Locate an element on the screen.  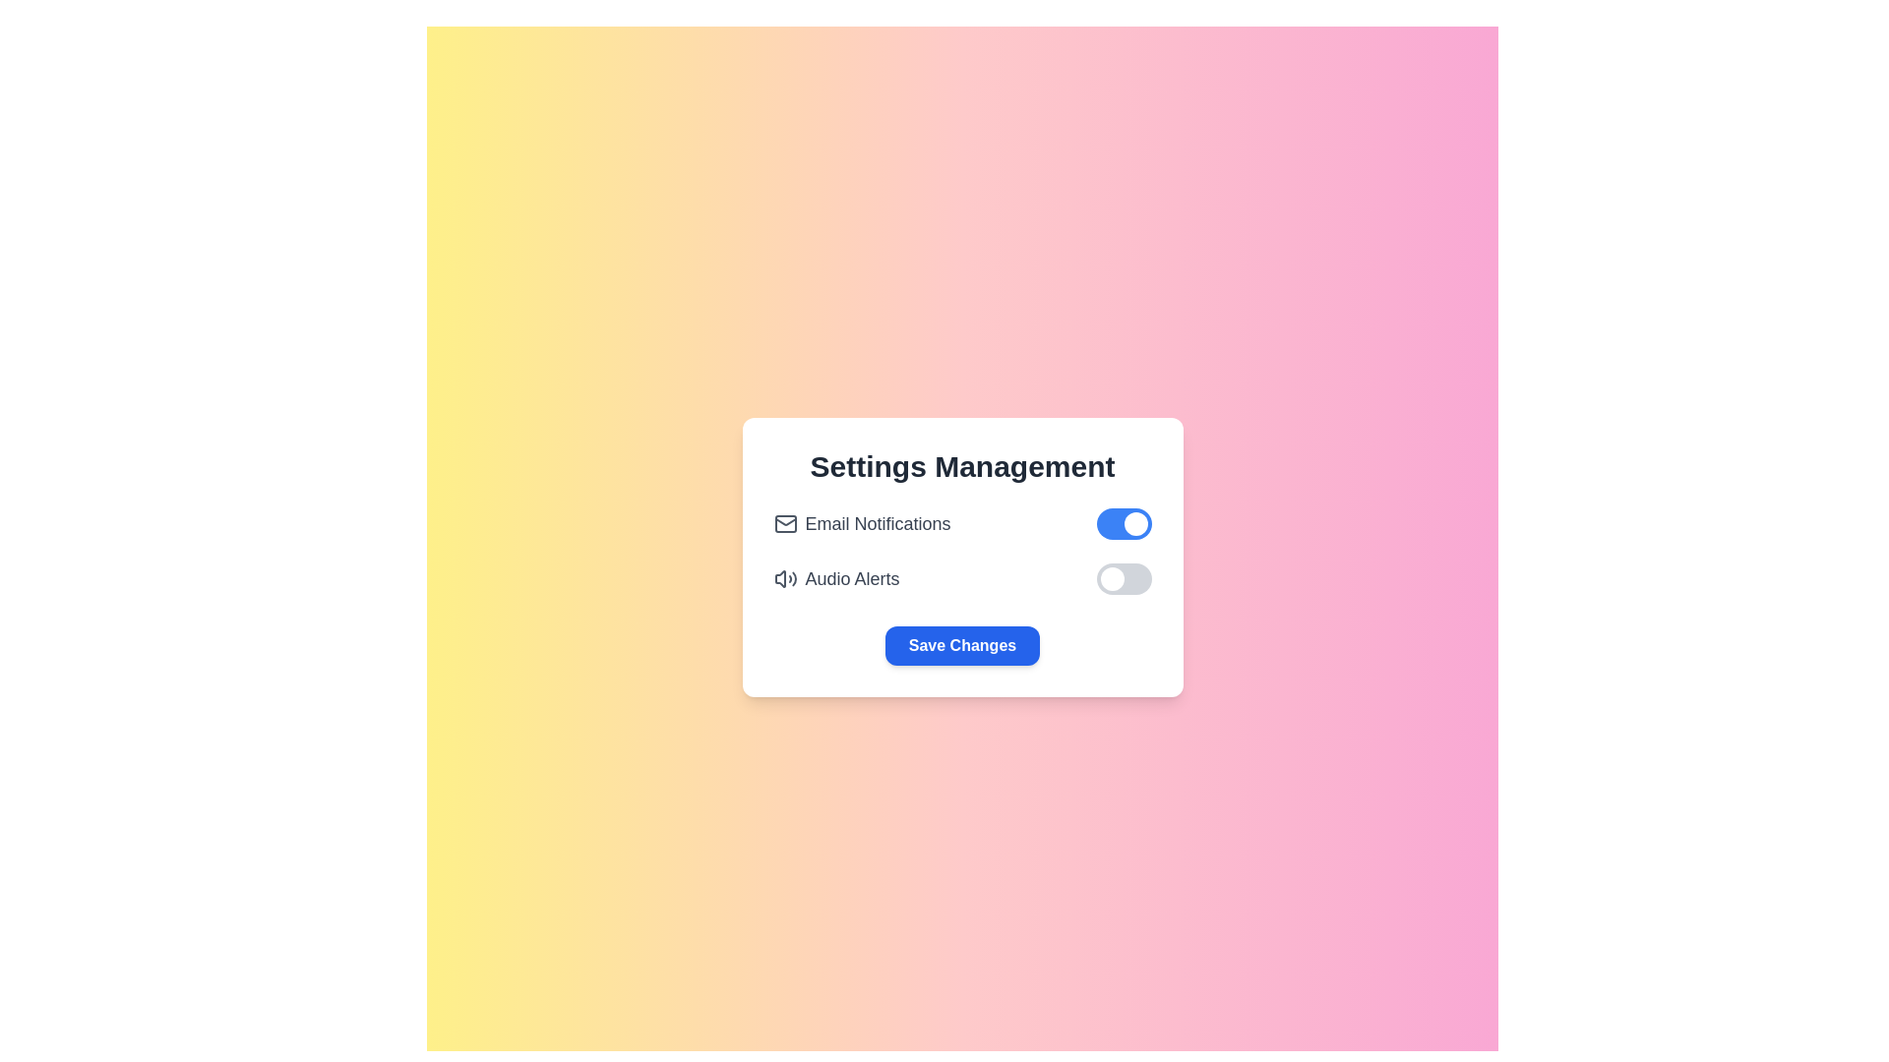
the audio alerts icon located in the settings panel, positioned to the left of the 'Audio Alerts' label is located at coordinates (784, 578).